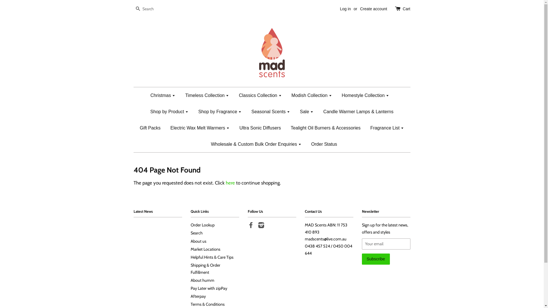  Describe the element at coordinates (376, 259) in the screenshot. I see `'Subscribe'` at that location.